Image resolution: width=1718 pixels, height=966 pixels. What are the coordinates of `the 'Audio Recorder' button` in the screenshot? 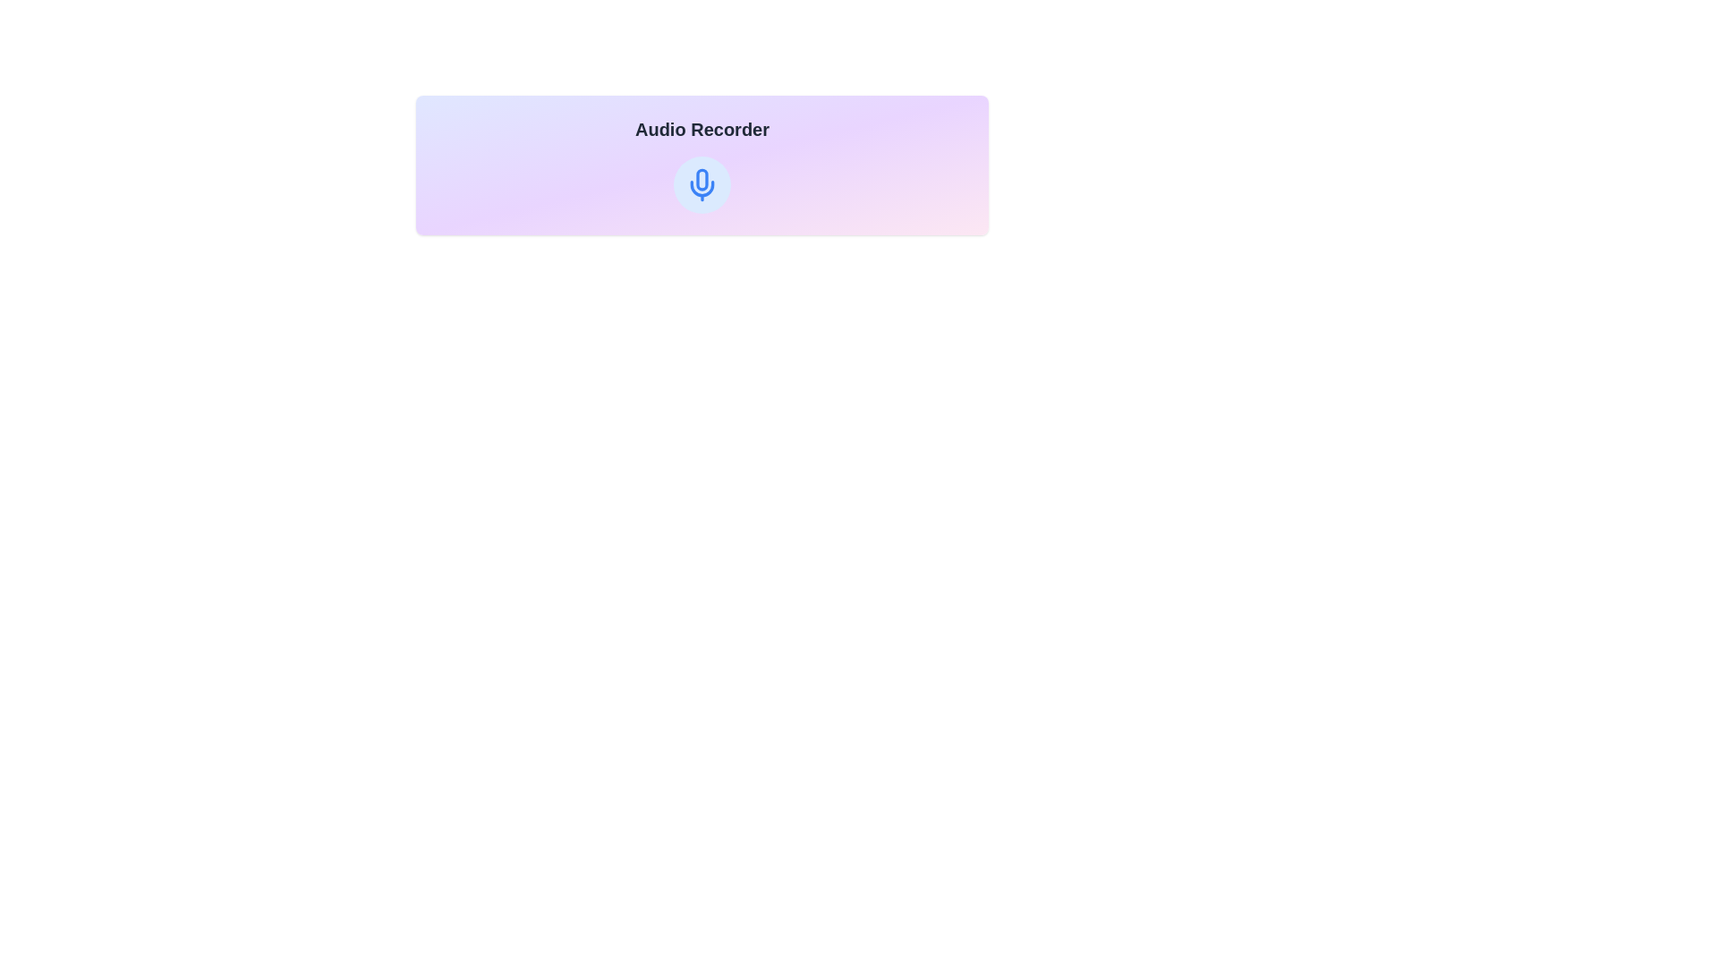 It's located at (702, 185).